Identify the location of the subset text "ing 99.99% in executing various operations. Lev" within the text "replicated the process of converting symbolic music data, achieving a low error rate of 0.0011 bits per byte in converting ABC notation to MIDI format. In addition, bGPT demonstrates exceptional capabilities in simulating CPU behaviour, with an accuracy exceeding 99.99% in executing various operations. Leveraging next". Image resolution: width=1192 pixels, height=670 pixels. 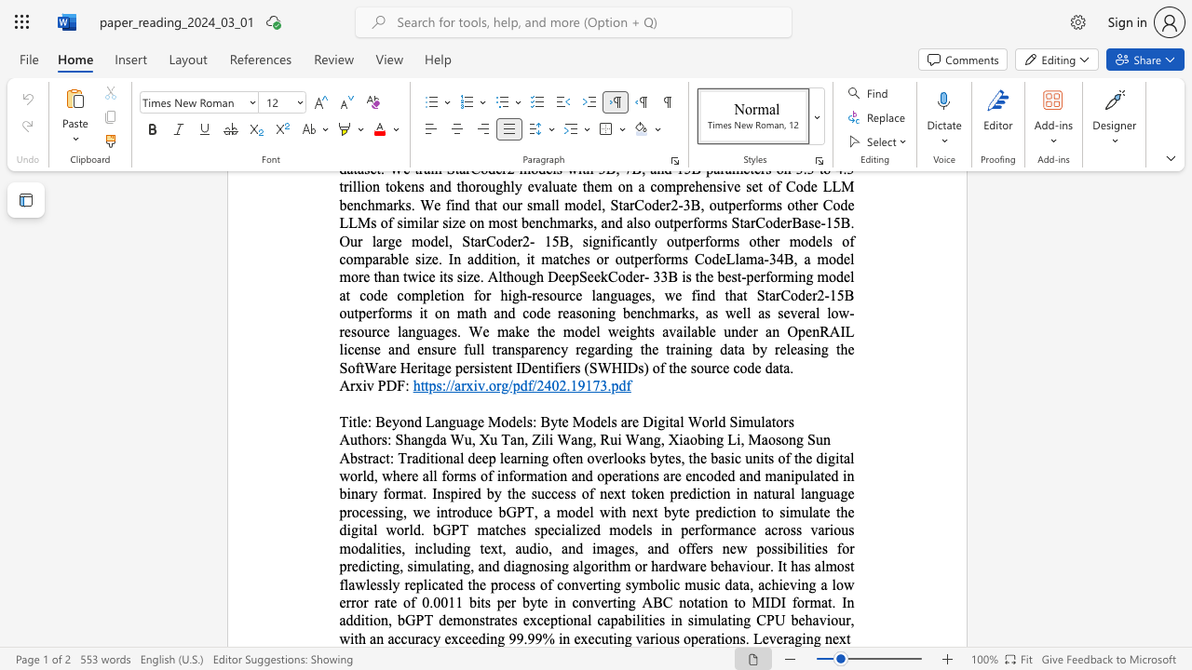
(485, 637).